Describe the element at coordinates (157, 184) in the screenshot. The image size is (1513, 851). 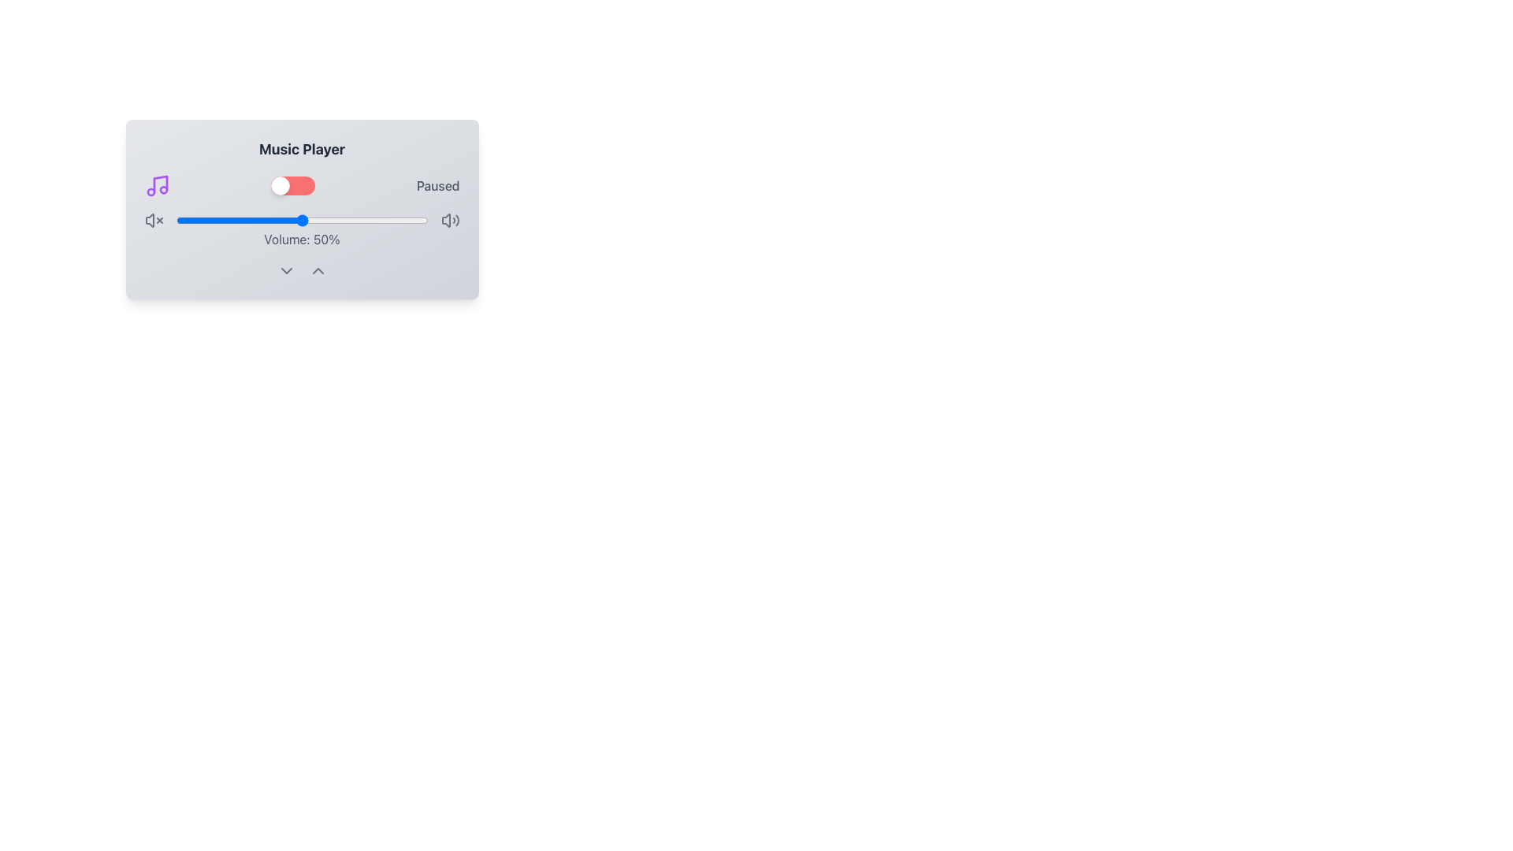
I see `the music-related icon located at the extreme left of the horizontal layout in the header section of the music player, to the left of the 'Paused' toggle switch` at that location.